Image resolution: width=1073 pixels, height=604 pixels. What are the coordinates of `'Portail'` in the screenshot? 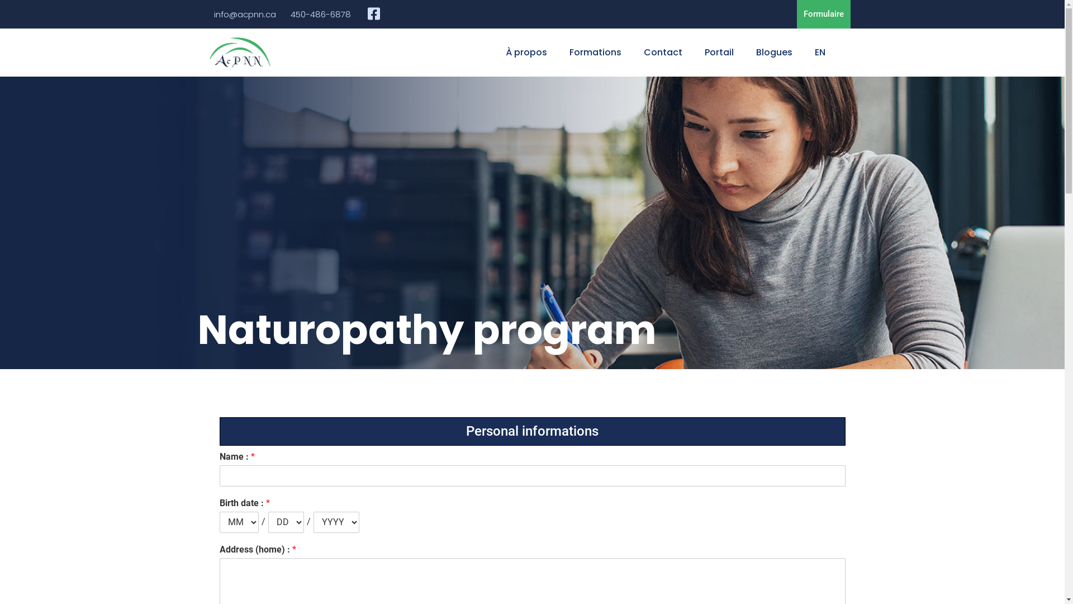 It's located at (719, 52).